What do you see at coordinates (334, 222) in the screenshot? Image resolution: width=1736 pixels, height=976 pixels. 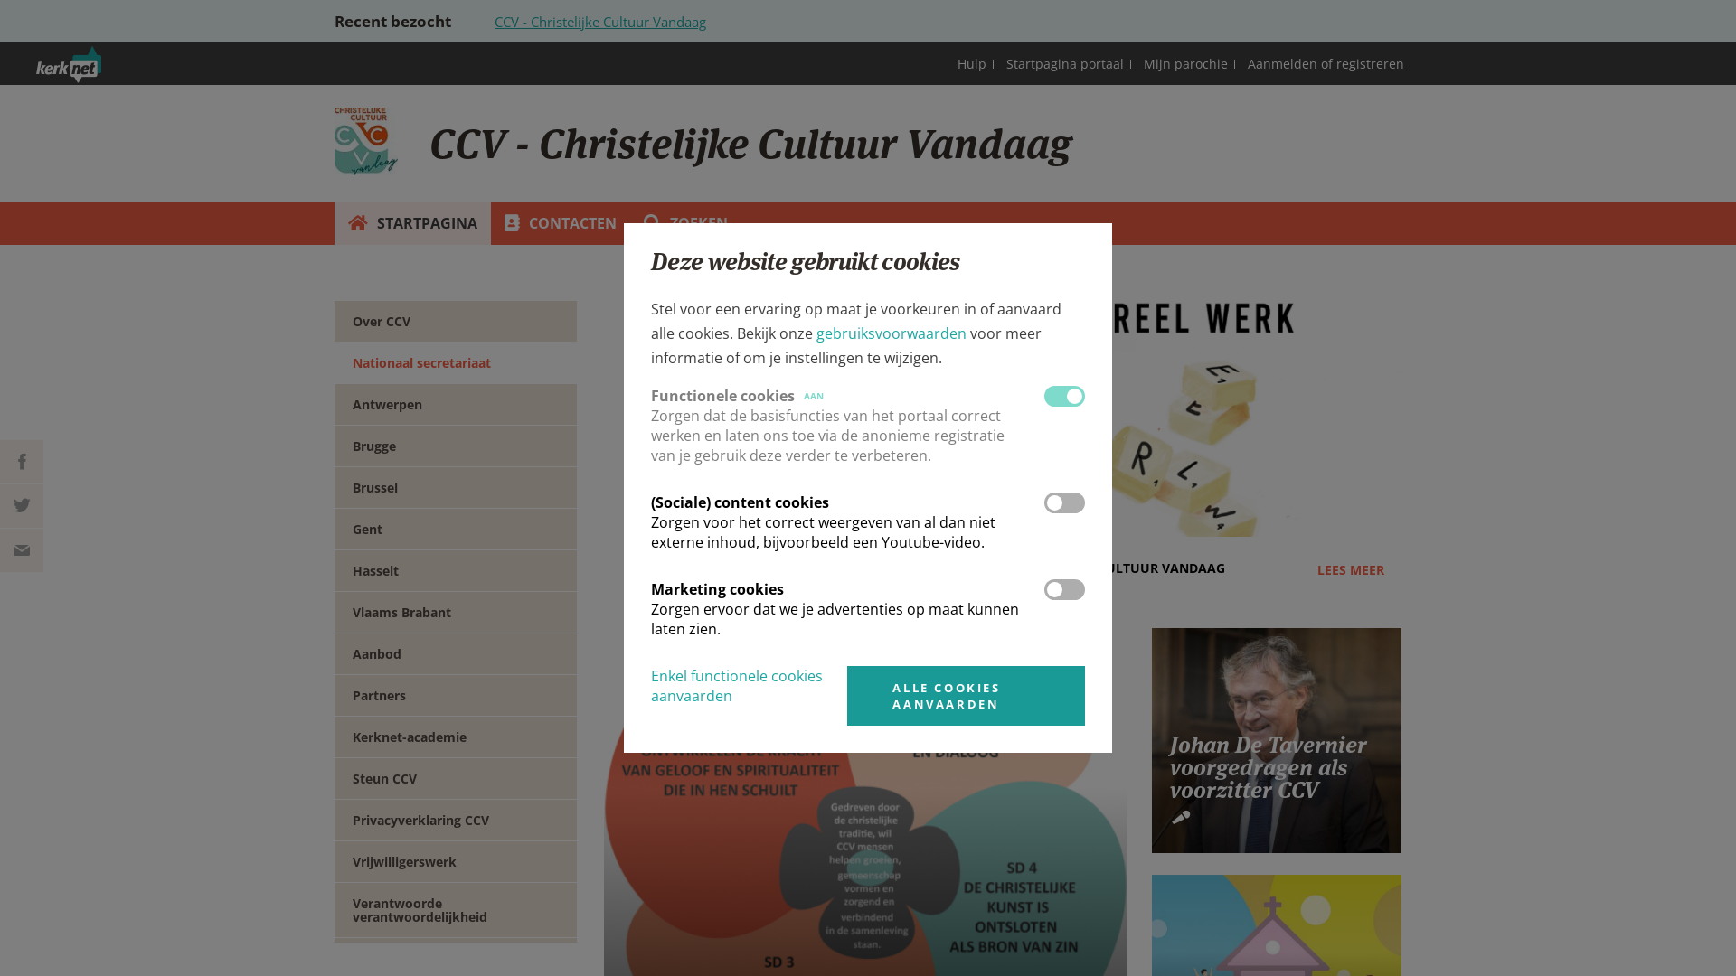 I see `'STARTPAGINA'` at bounding box center [334, 222].